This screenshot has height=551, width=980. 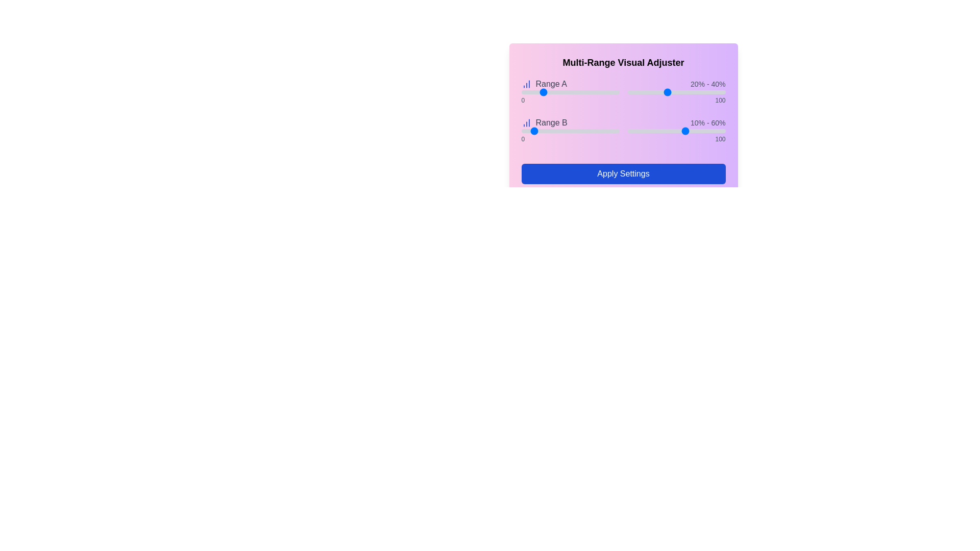 I want to click on the Range B slider position, so click(x=598, y=131).